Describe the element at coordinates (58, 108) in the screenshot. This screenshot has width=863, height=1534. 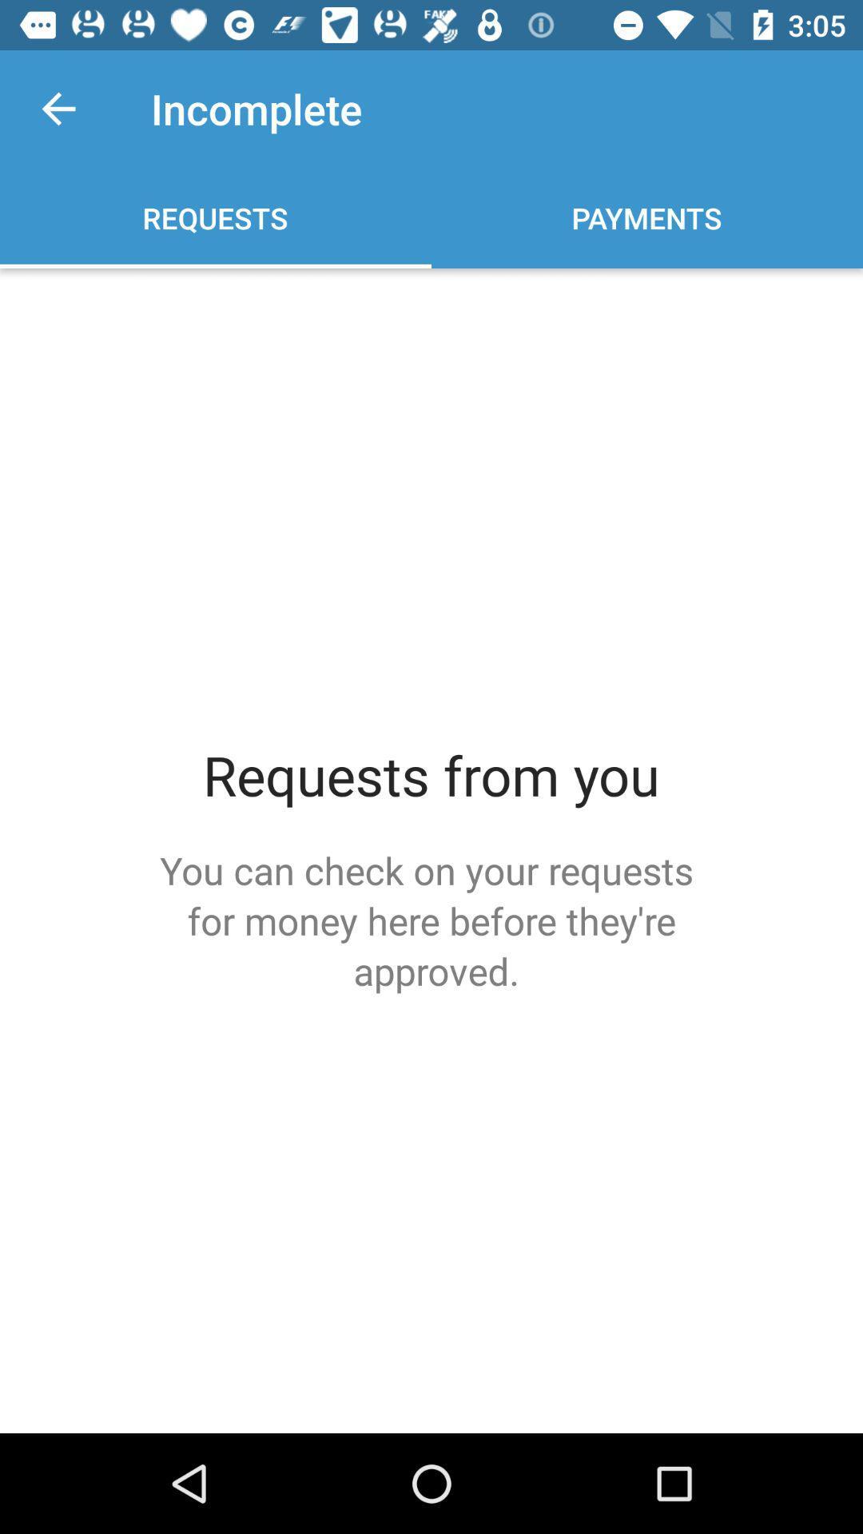
I see `the icon next to the incomplete app` at that location.